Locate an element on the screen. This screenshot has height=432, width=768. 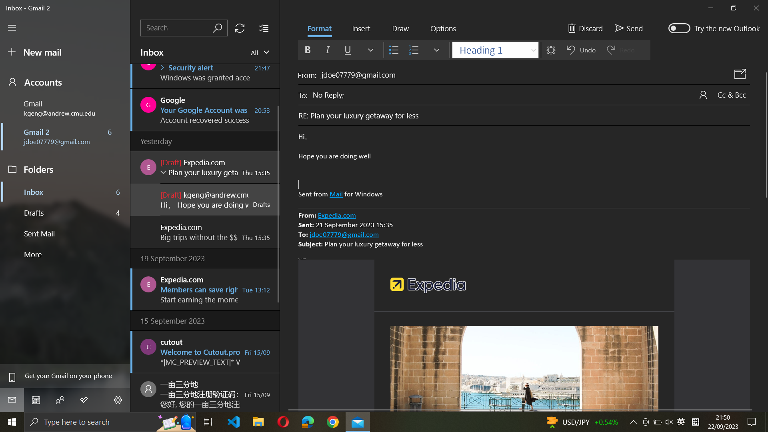
Display all incoming emails is located at coordinates (261, 52).